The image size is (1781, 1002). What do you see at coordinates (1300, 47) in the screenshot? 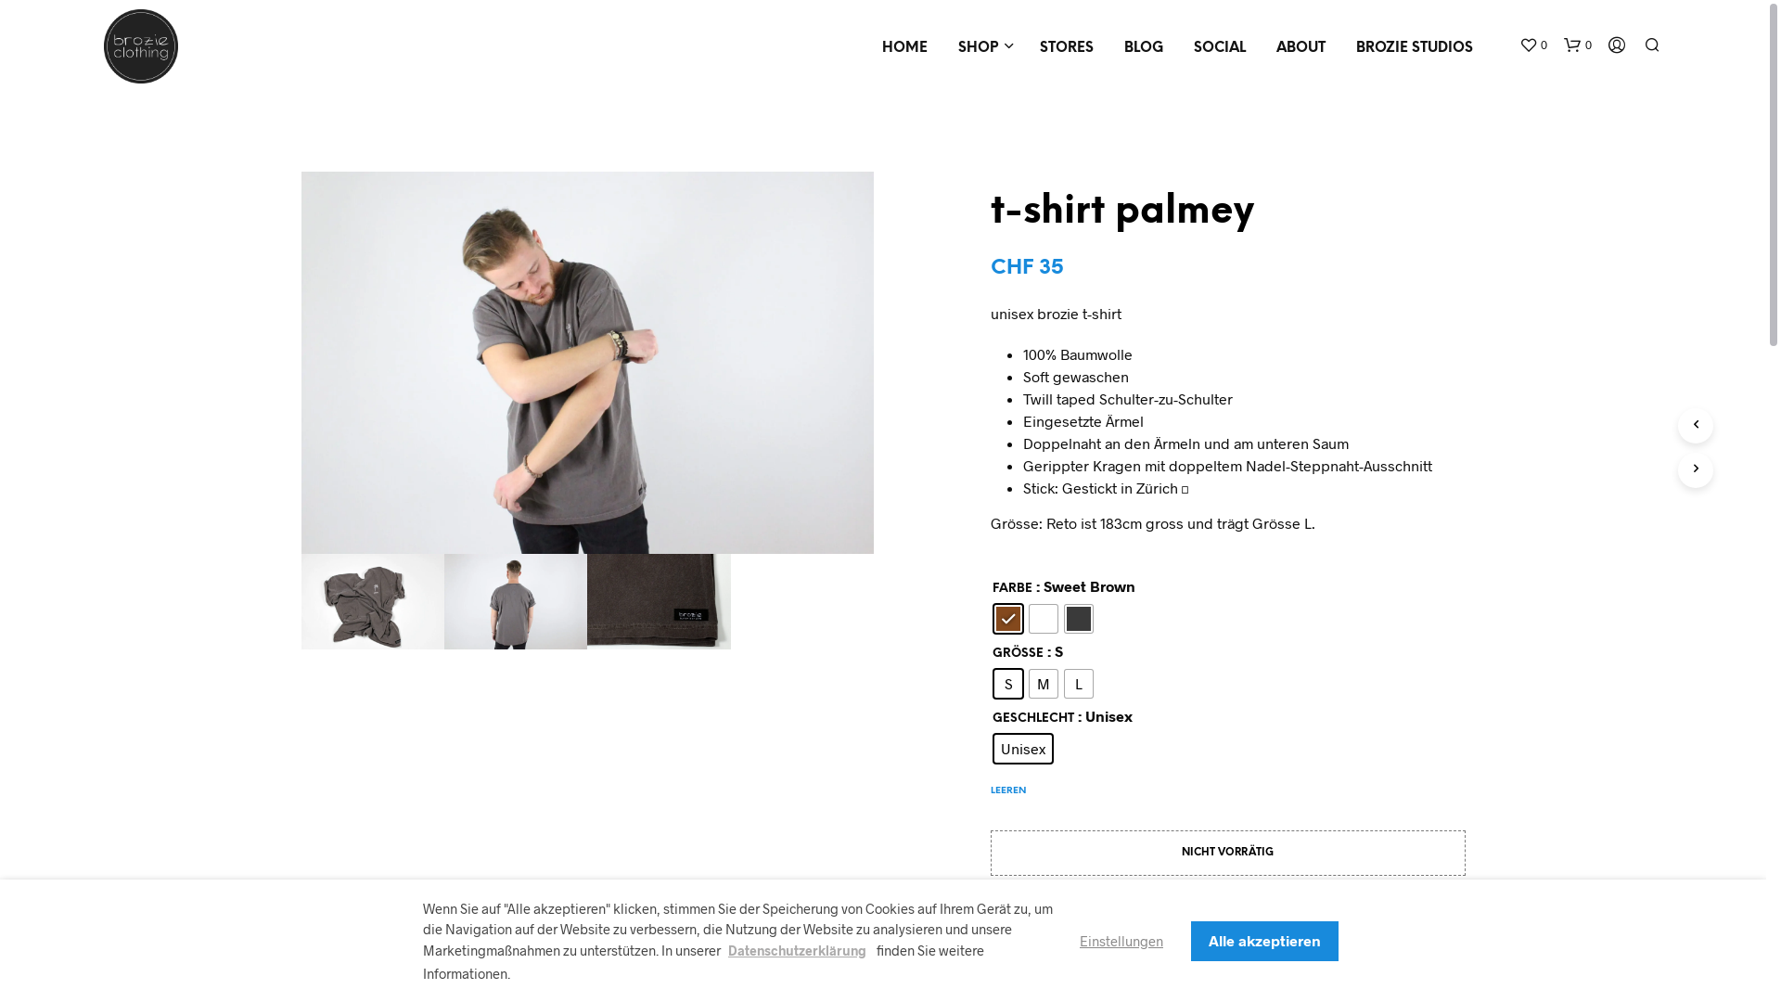
I see `'ABOUT'` at bounding box center [1300, 47].